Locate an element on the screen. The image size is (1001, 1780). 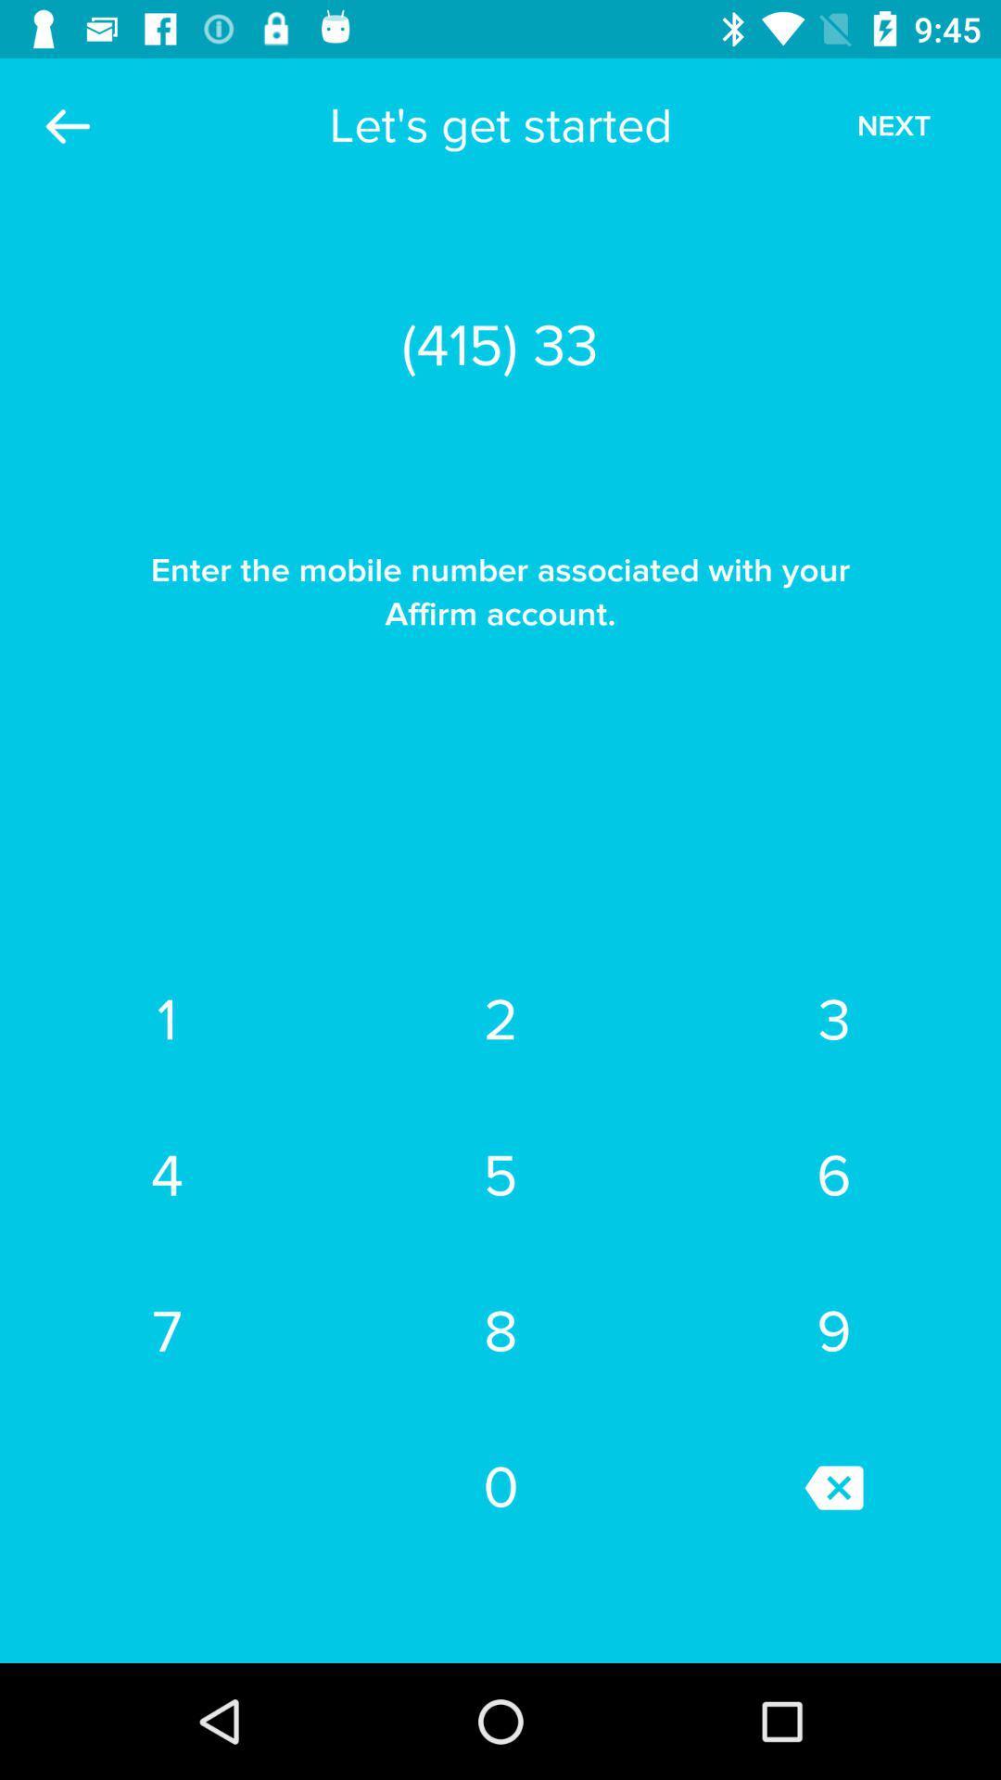
the item above the enter the mobile is located at coordinates (67, 125).